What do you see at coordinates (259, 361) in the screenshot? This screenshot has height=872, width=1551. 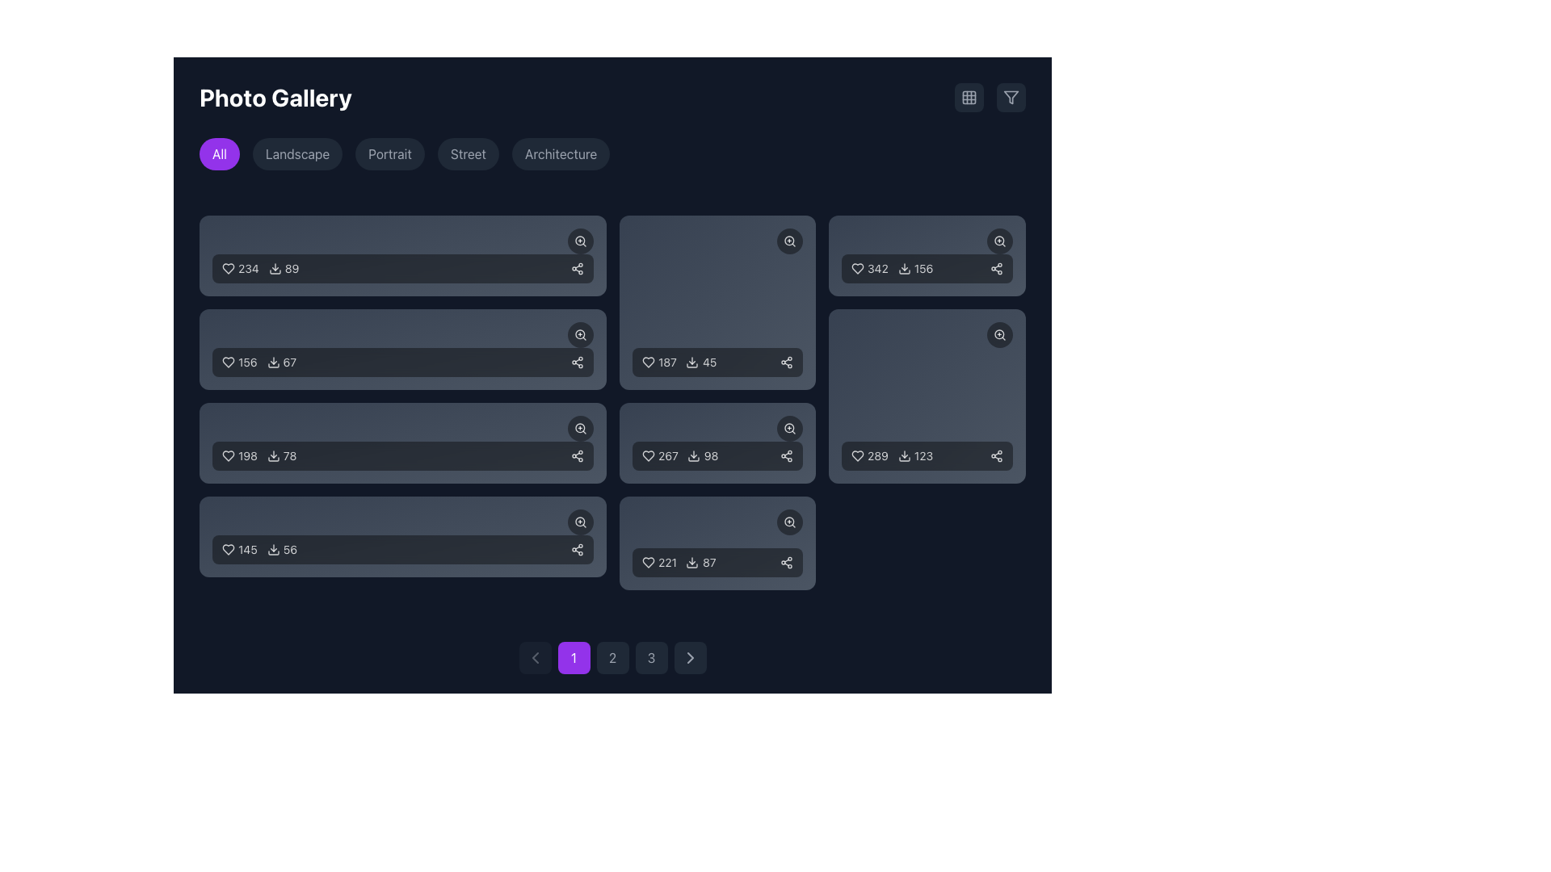 I see `the heart icon representing likes in the interactive display components of the photo gallery item, located on the second row of the gallery grid` at bounding box center [259, 361].